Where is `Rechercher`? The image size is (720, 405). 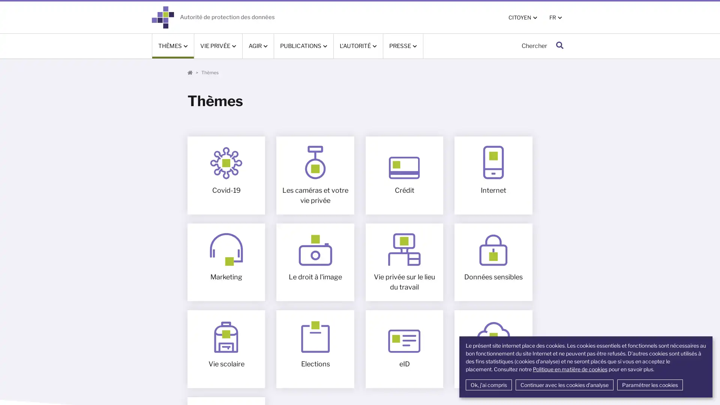 Rechercher is located at coordinates (559, 46).